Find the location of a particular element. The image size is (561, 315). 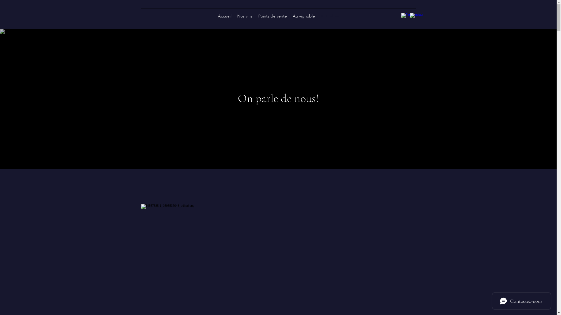

'Accueil' is located at coordinates (224, 15).